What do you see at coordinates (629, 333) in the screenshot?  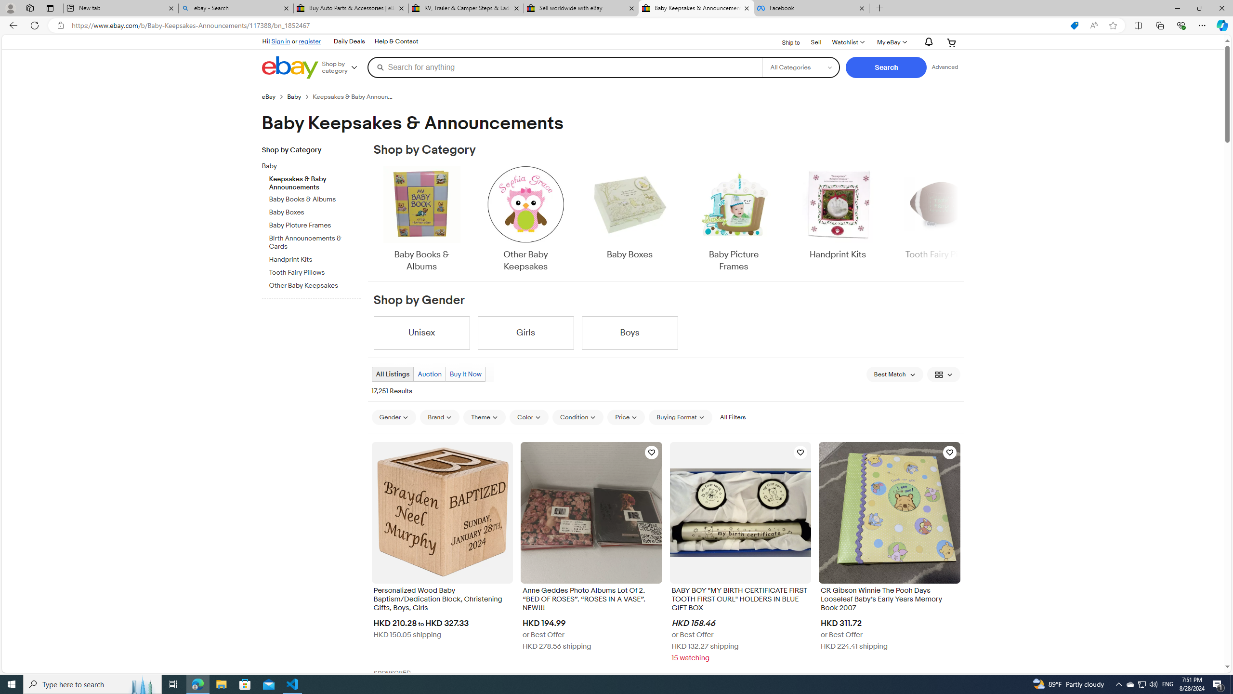 I see `'Boys'` at bounding box center [629, 333].